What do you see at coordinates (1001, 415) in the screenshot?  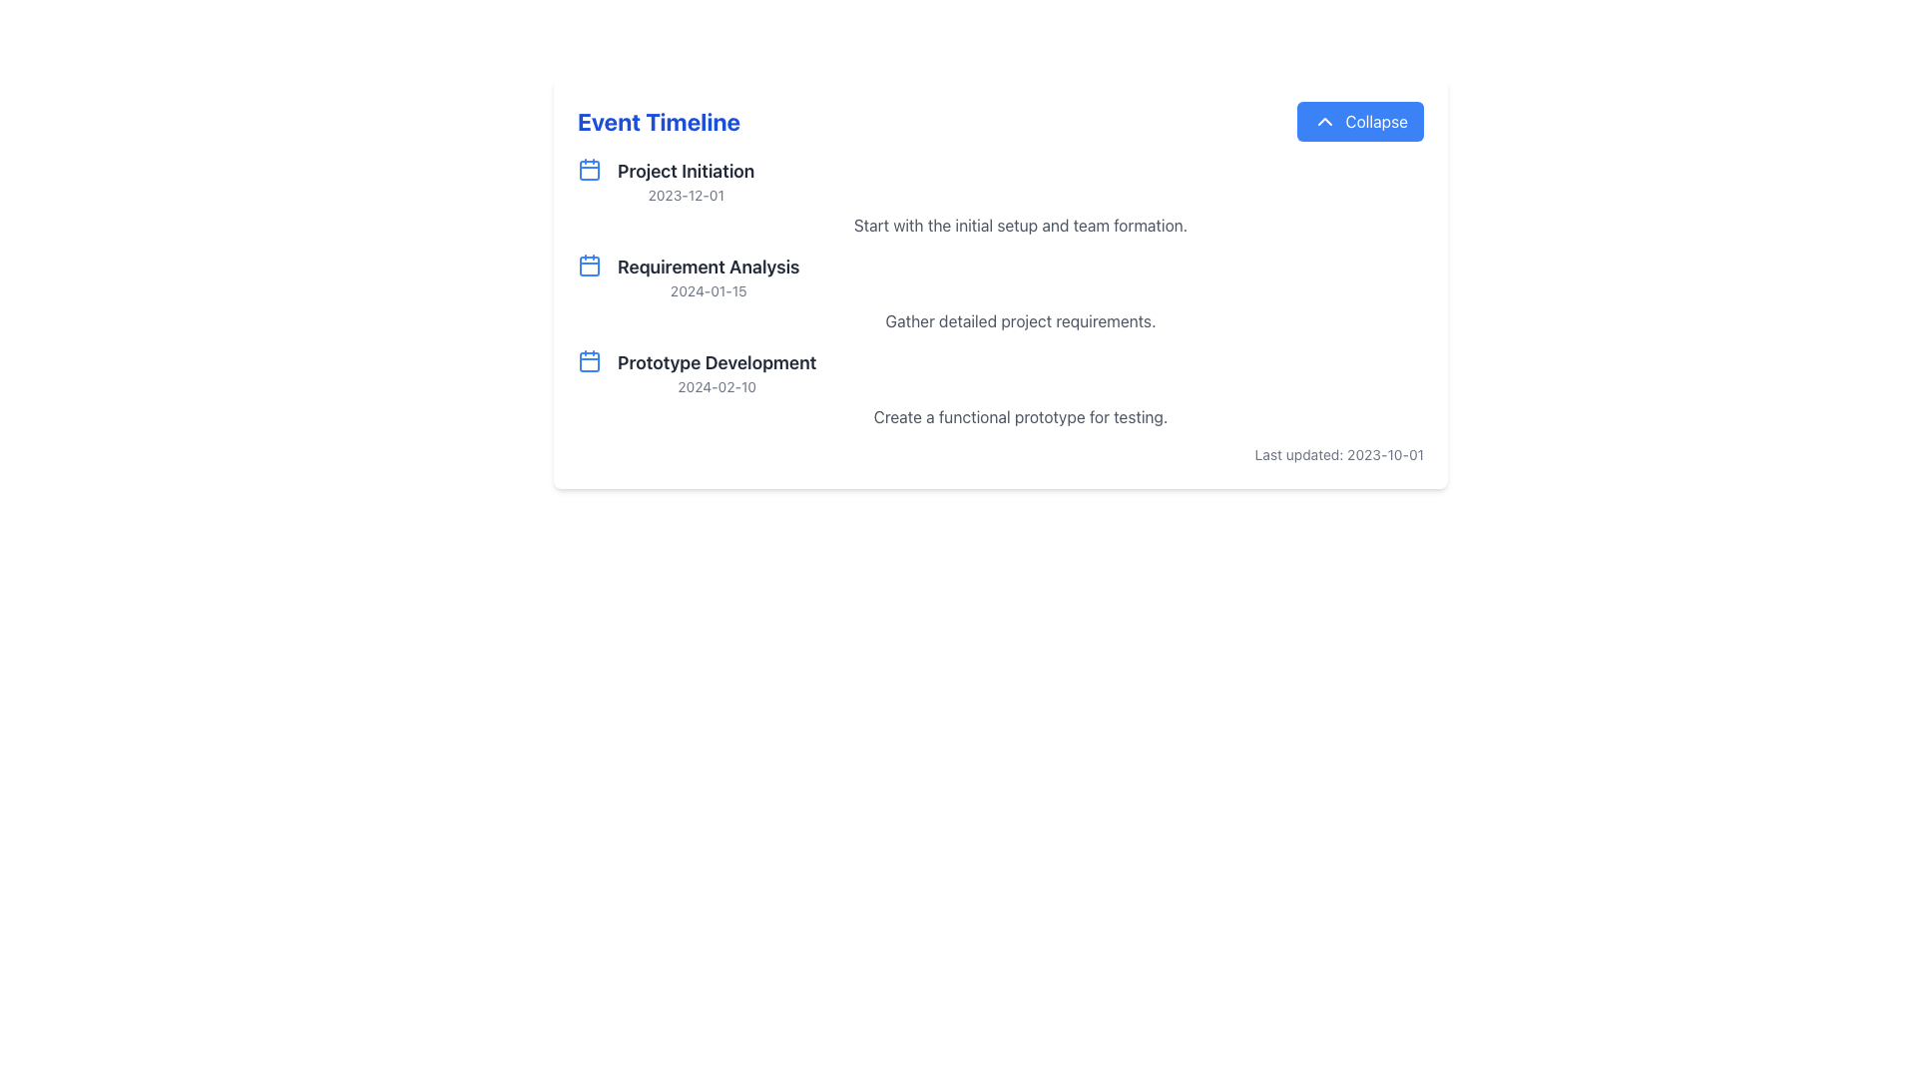 I see `static text label displaying 'Create a functional prototype for testing.' located under the 'Prototype Development' section` at bounding box center [1001, 415].